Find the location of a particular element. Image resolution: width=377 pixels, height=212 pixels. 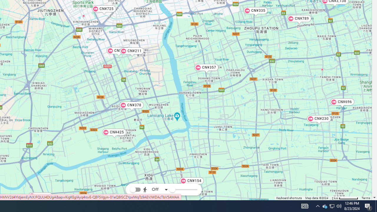

'Map Scale: 2 km per 61 pixels' is located at coordinates (345, 198).